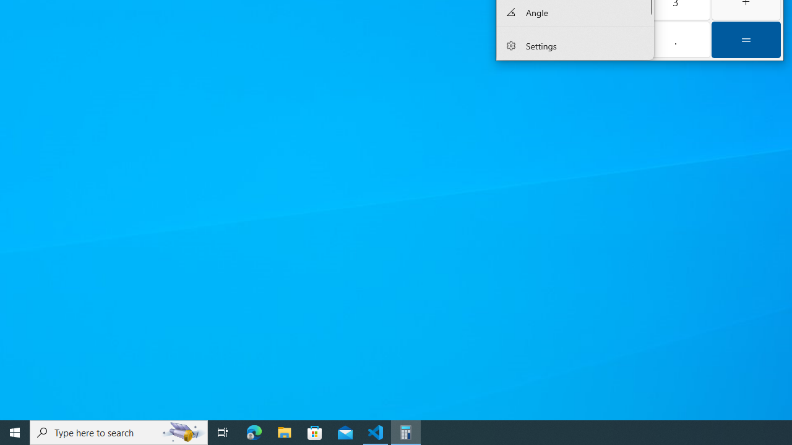 This screenshot has width=792, height=445. Describe the element at coordinates (574, 12) in the screenshot. I see `'Angle Converter'` at that location.